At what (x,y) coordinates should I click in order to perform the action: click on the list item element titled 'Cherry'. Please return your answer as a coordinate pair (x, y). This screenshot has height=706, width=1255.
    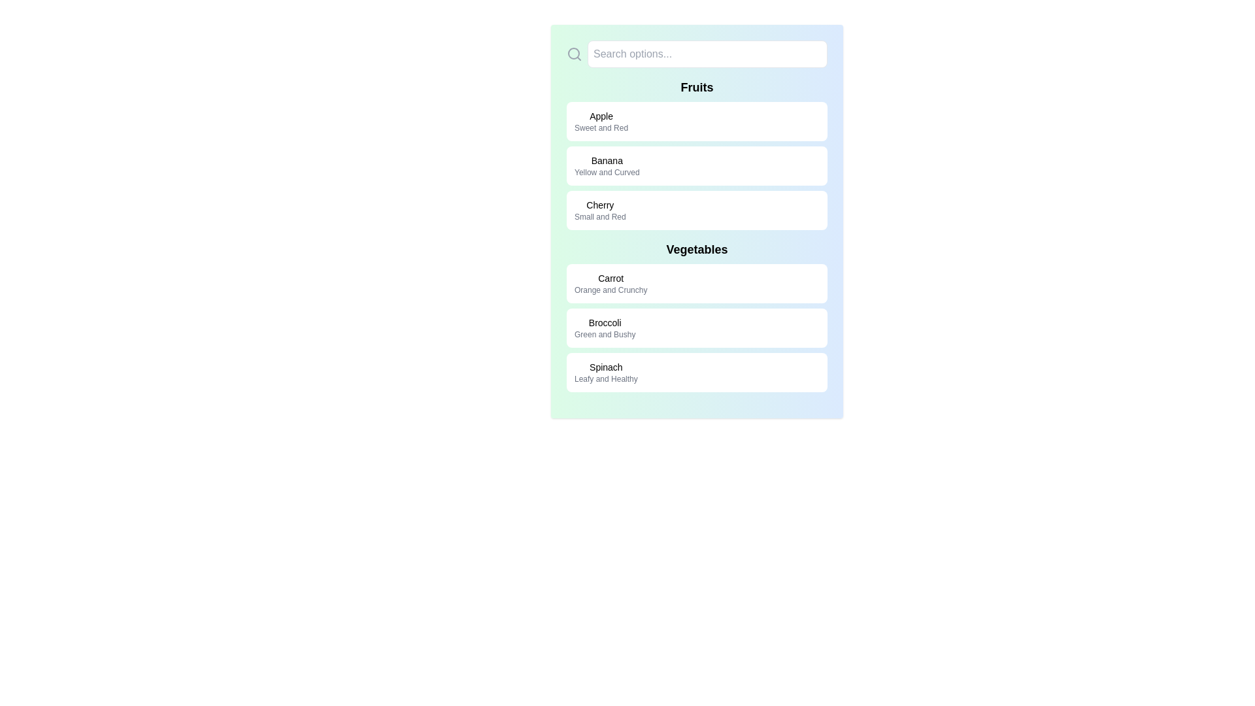
    Looking at the image, I should click on (696, 209).